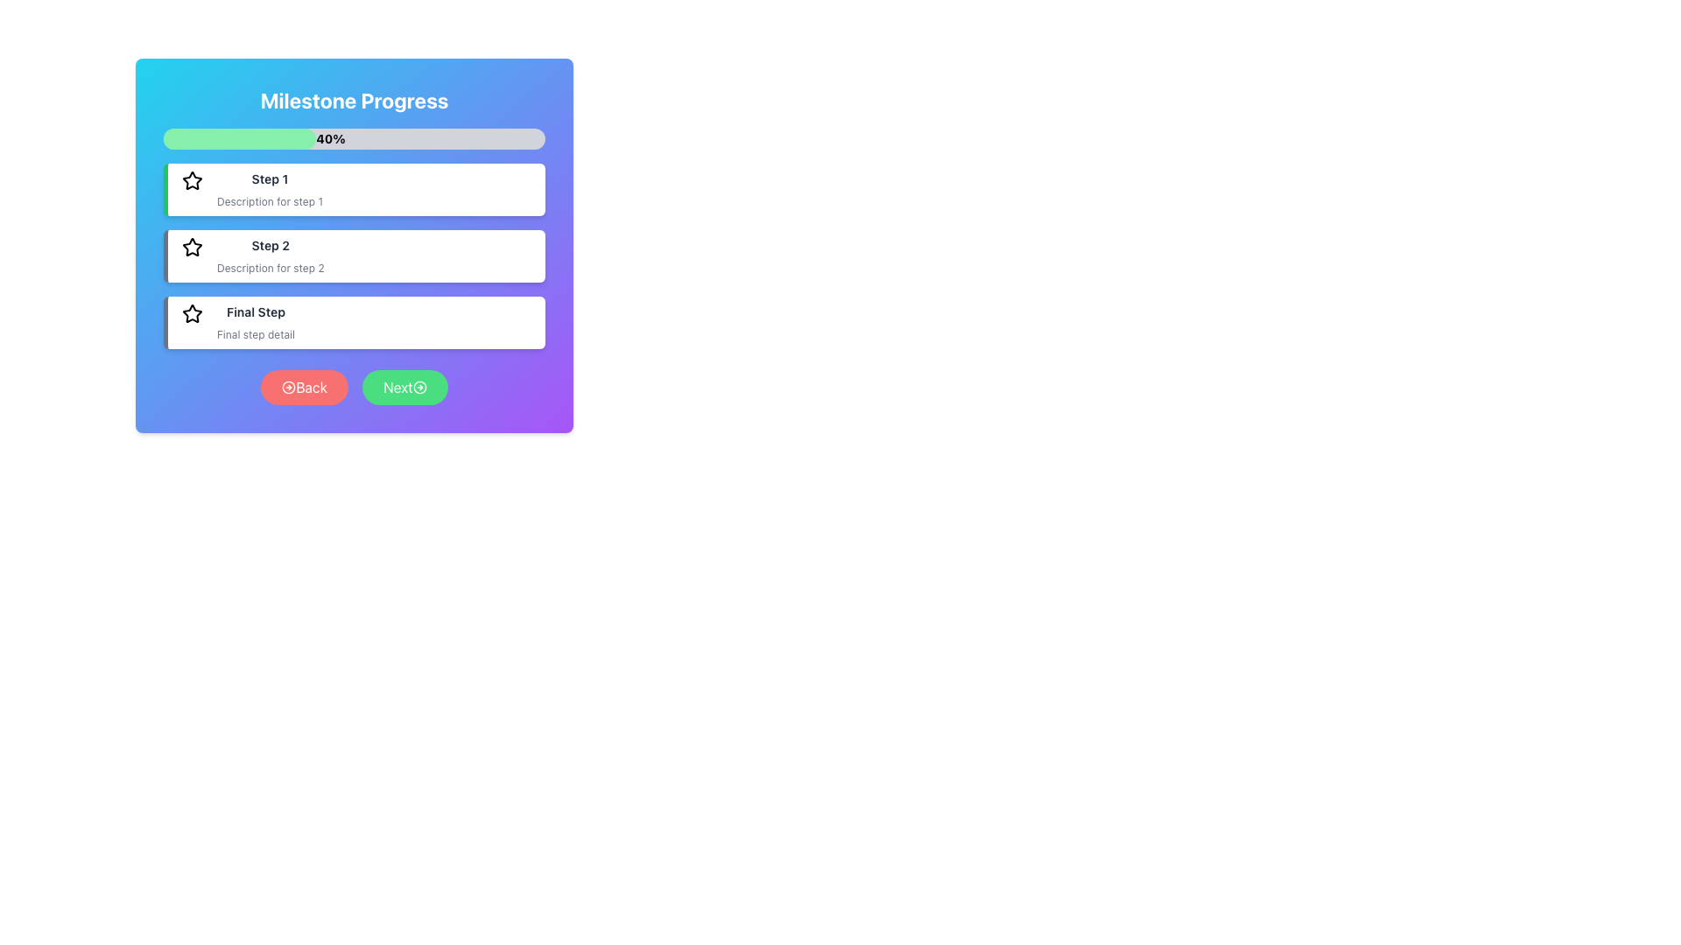 The image size is (1681, 945). What do you see at coordinates (255, 311) in the screenshot?
I see `the title text label indicating the final milestone in the progression workflow, which is positioned below 'Step 2' and above the 'Back' and 'Next' buttons` at bounding box center [255, 311].